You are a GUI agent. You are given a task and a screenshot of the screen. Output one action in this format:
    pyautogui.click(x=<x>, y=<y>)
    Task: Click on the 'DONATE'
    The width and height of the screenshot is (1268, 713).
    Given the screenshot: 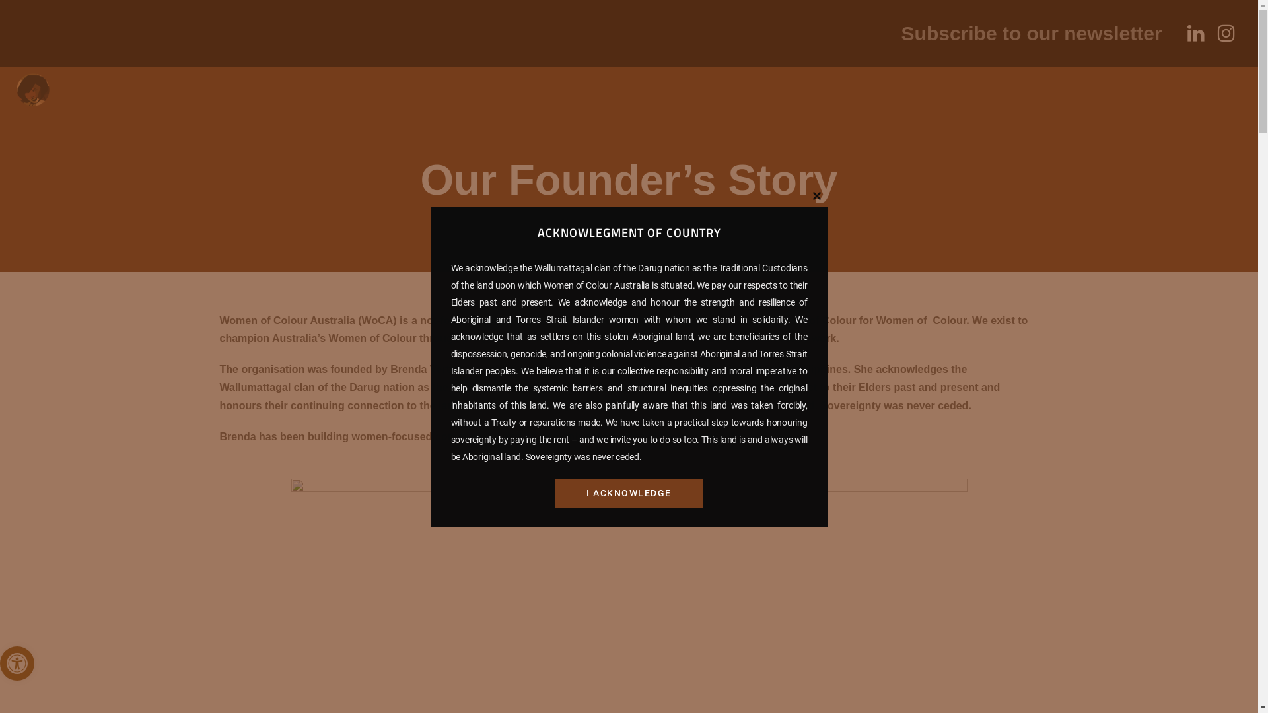 What is the action you would take?
    pyautogui.click(x=811, y=98)
    